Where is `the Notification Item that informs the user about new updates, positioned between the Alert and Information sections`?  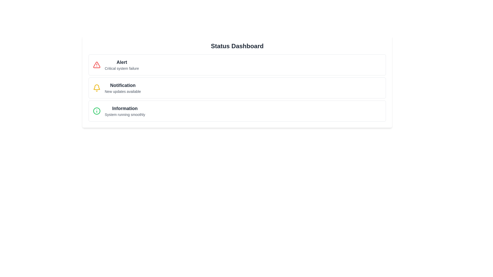 the Notification Item that informs the user about new updates, positioned between the Alert and Information sections is located at coordinates (237, 88).